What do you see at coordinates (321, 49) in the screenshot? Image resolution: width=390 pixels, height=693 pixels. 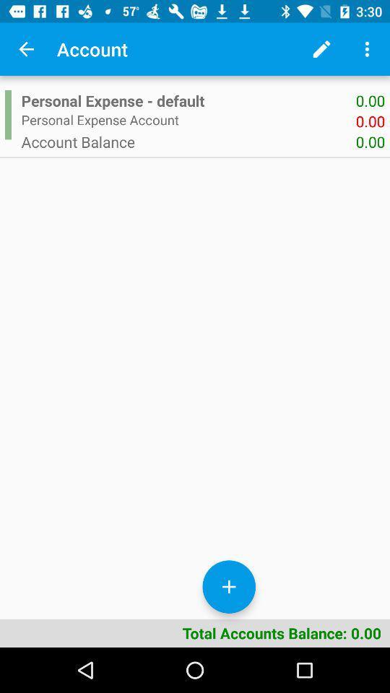 I see `the item above personal expense - default icon` at bounding box center [321, 49].